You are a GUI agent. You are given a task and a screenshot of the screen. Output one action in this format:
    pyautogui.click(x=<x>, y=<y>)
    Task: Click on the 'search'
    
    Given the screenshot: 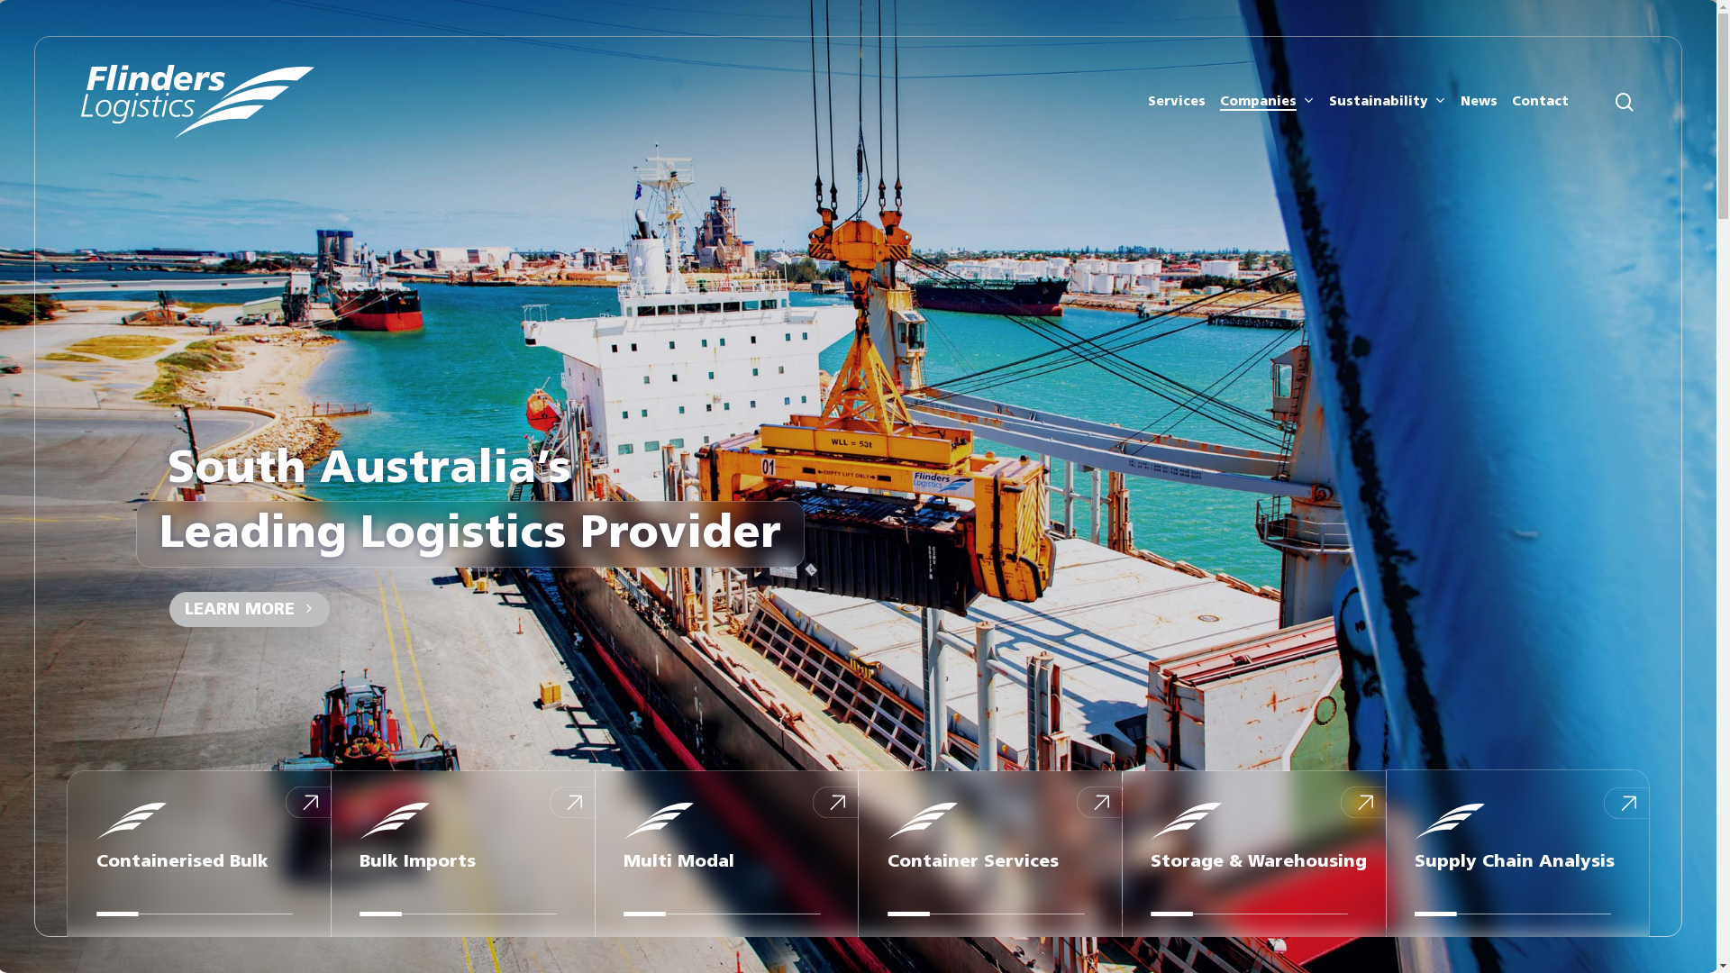 What is the action you would take?
    pyautogui.click(x=1613, y=101)
    